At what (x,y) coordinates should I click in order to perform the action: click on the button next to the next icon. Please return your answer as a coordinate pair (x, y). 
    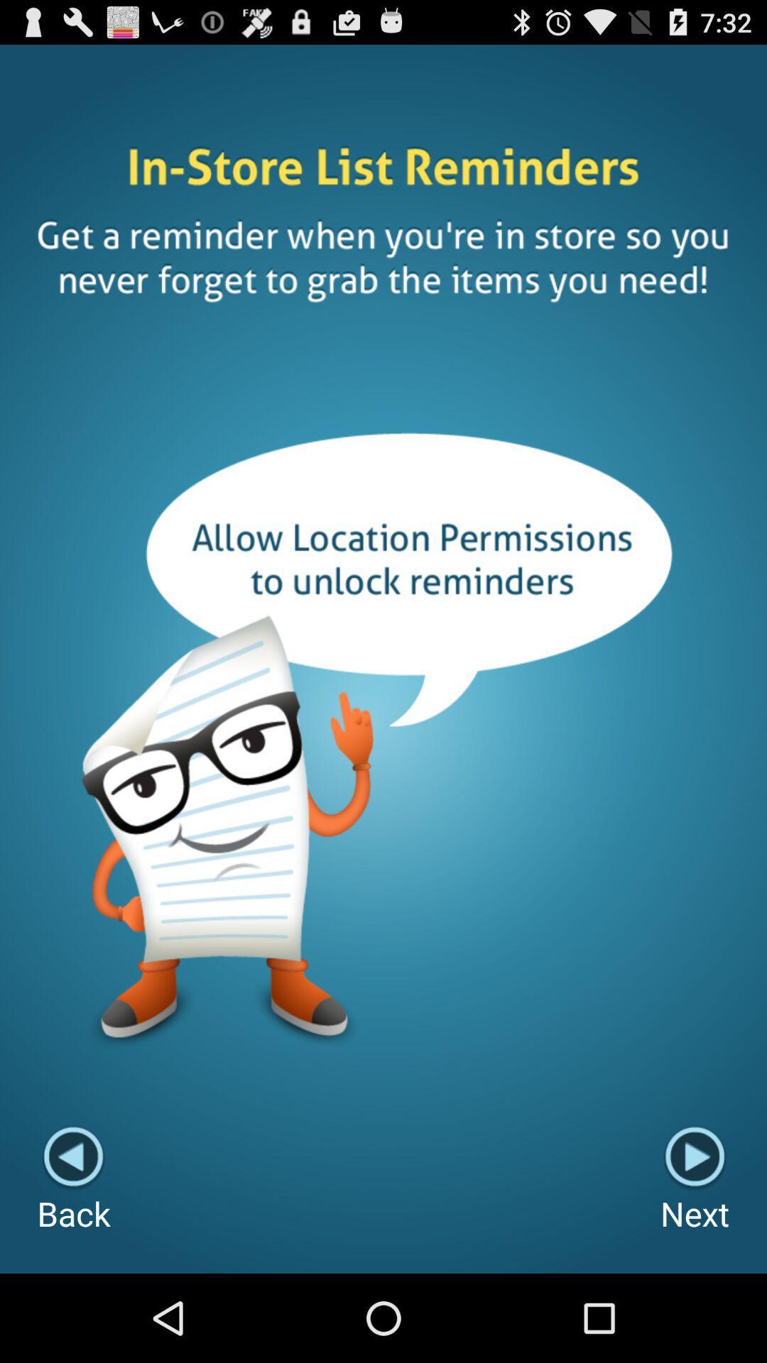
    Looking at the image, I should click on (74, 1181).